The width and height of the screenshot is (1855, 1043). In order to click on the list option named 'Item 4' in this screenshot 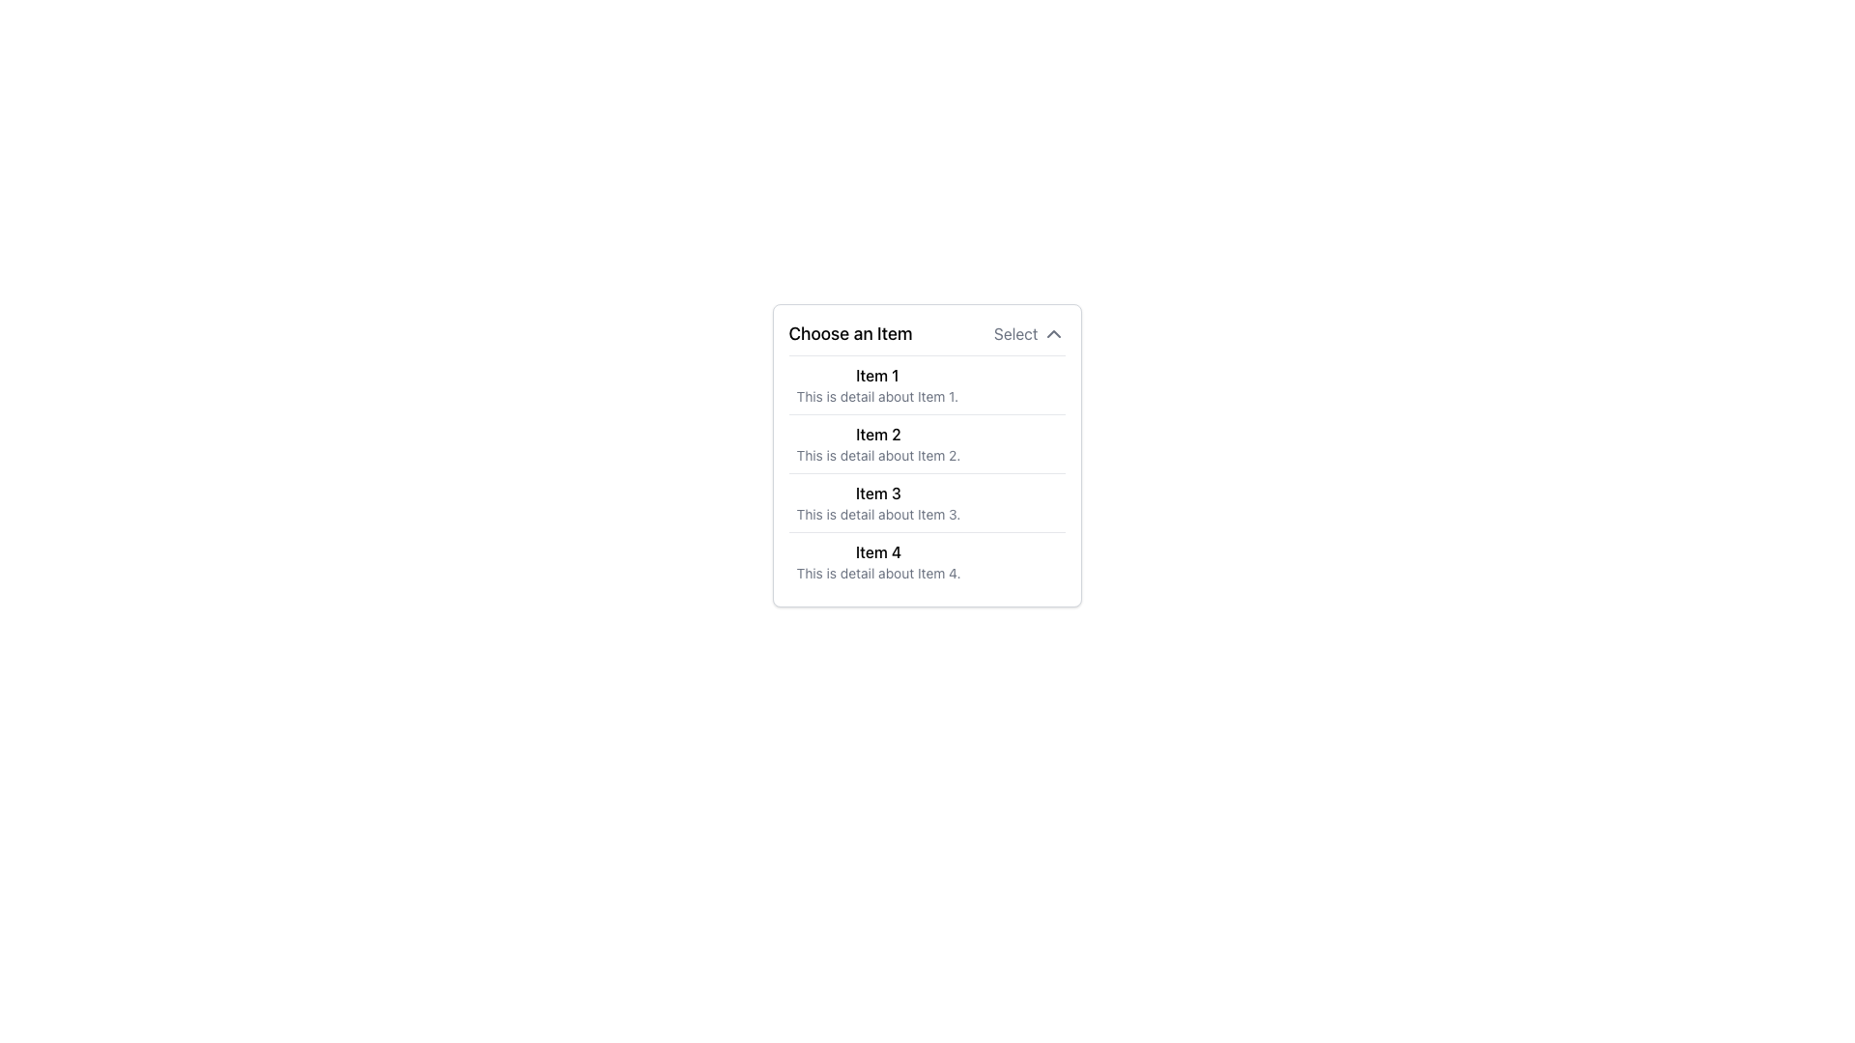, I will do `click(877, 562)`.